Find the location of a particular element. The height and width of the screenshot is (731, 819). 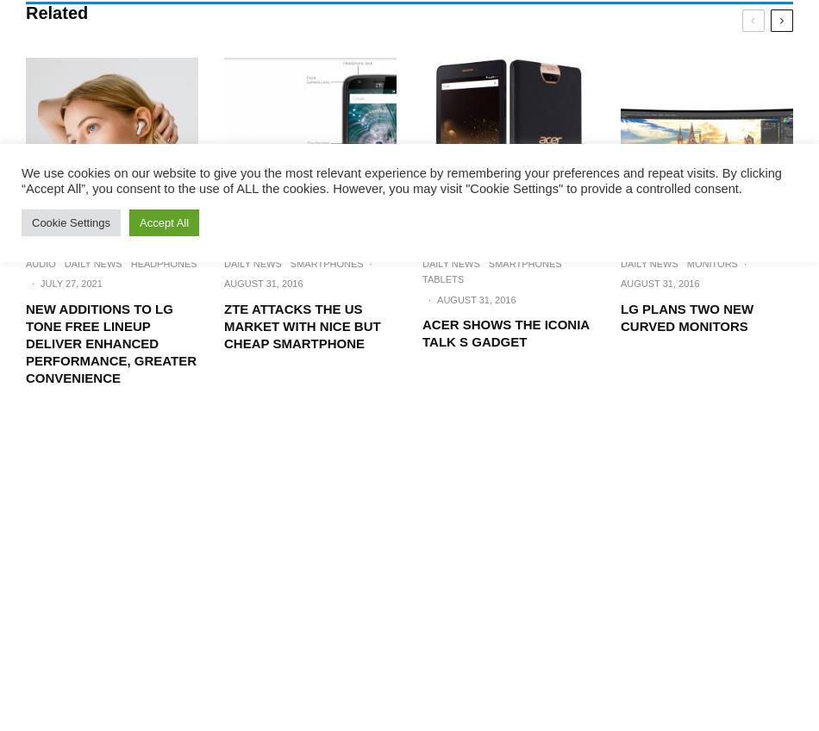

'Contact Us' is located at coordinates (657, 146).